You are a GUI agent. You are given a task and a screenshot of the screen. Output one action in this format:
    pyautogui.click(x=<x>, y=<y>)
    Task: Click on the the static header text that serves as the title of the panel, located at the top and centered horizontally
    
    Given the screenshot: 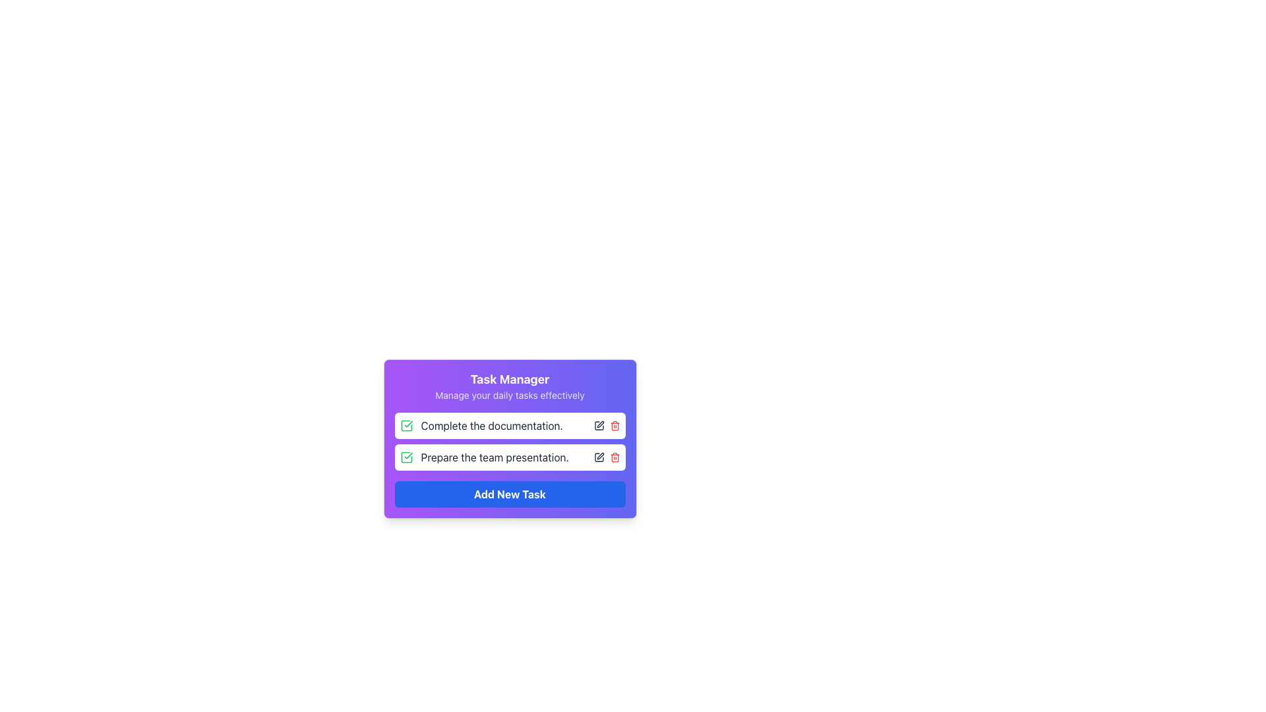 What is the action you would take?
    pyautogui.click(x=509, y=379)
    